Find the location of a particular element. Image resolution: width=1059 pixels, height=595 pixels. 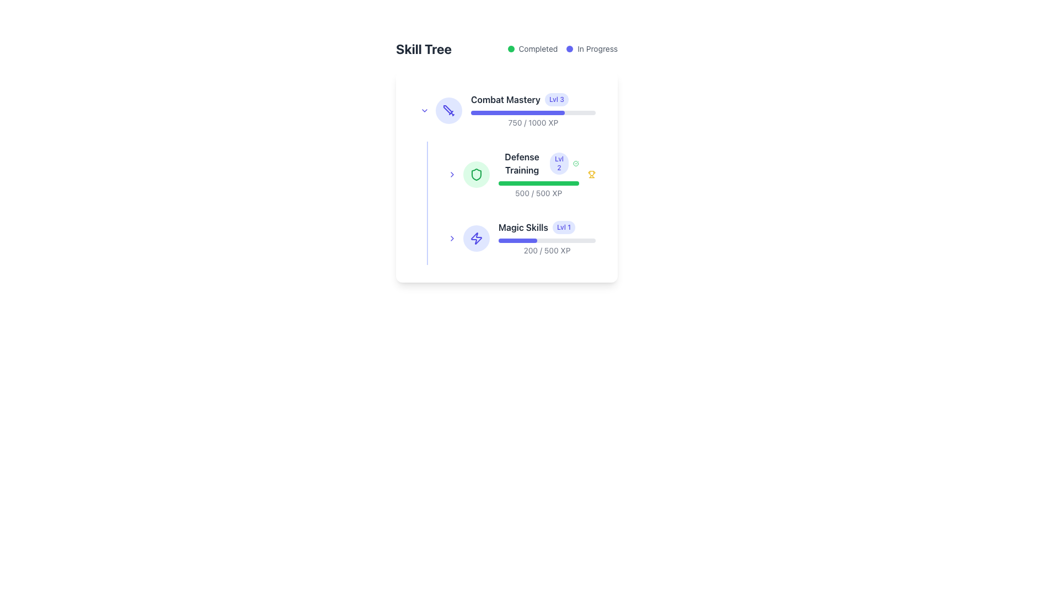

the 'Combat Mastery' label which displays 'Lvl 3' in a badge, located at the top of the first skill entry in the vertical list of skills is located at coordinates (533, 100).